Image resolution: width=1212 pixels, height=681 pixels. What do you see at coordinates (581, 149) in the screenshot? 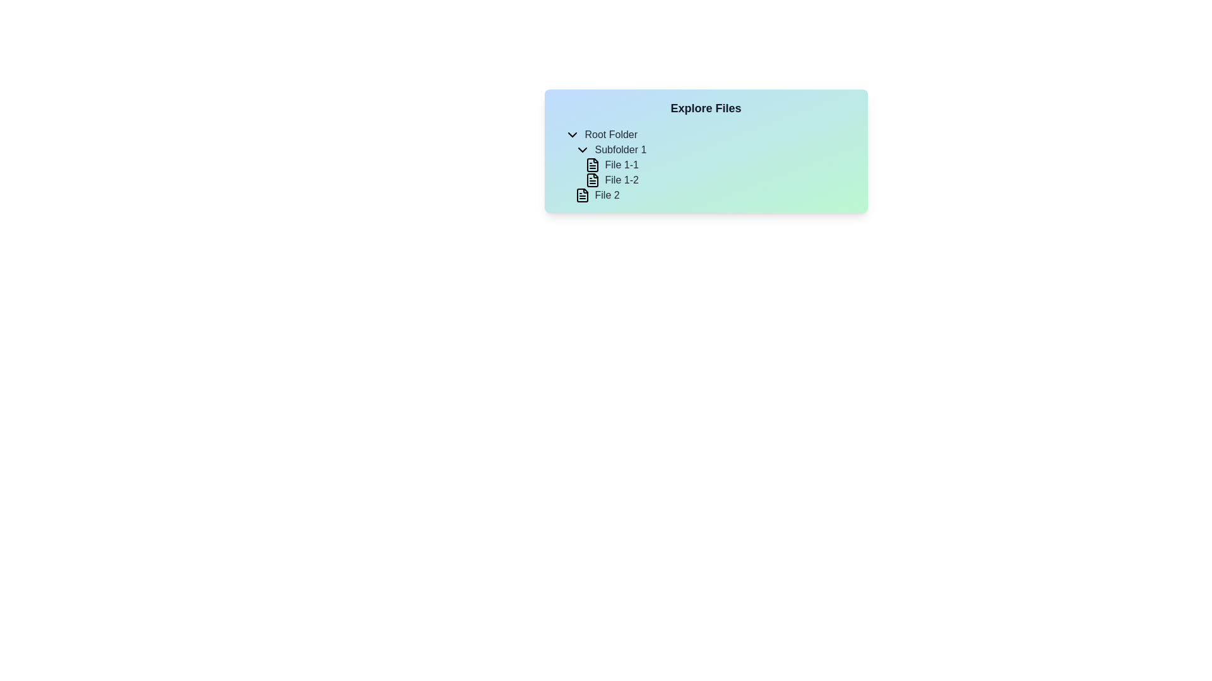
I see `the downward-pointing chevron icon located beside the text 'Subfolder 1'` at bounding box center [581, 149].